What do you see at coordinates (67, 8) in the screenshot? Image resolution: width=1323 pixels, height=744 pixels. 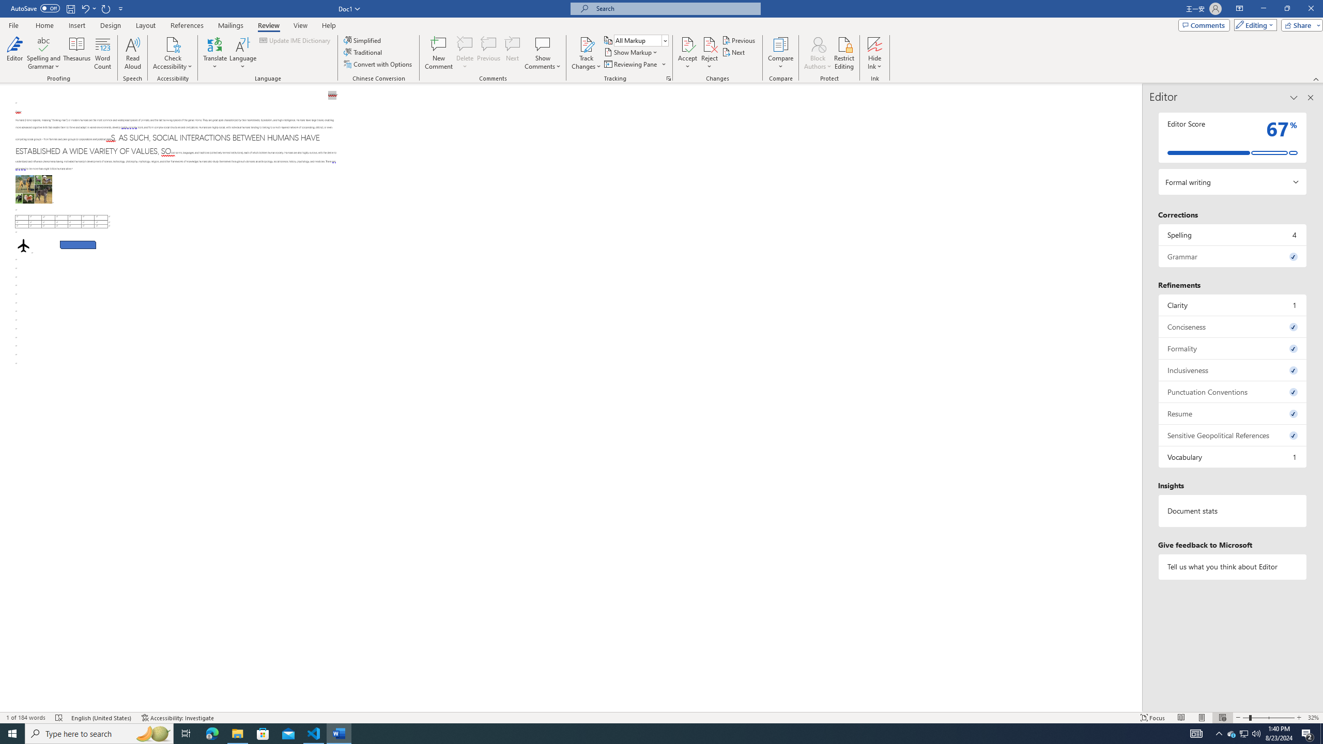 I see `'Quick Access Toolbar'` at bounding box center [67, 8].